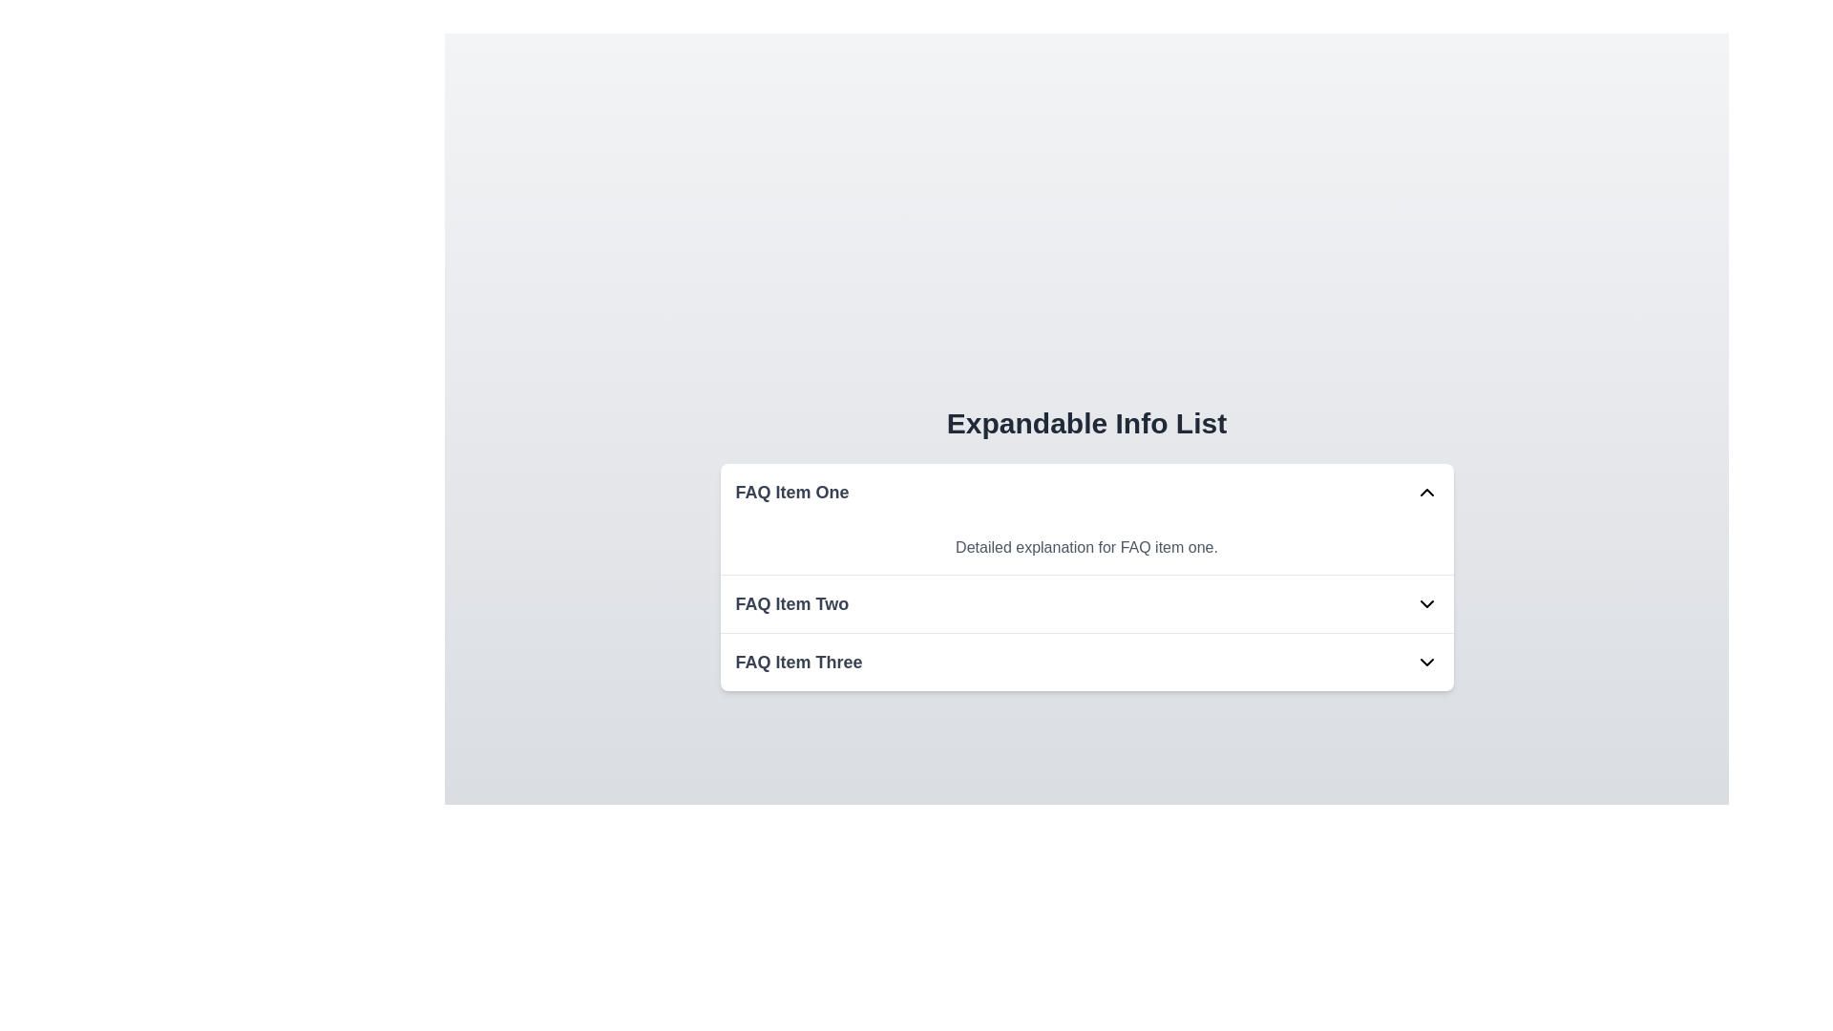 The height and width of the screenshot is (1031, 1833). Describe the element at coordinates (1086, 604) in the screenshot. I see `the second FAQ item labeled 'FAQ Item Two'` at that location.